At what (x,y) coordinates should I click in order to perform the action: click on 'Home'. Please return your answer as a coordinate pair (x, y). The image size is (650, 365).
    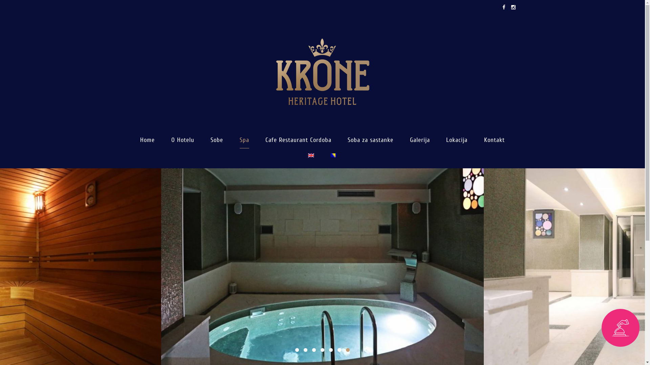
    Looking at the image, I should click on (147, 140).